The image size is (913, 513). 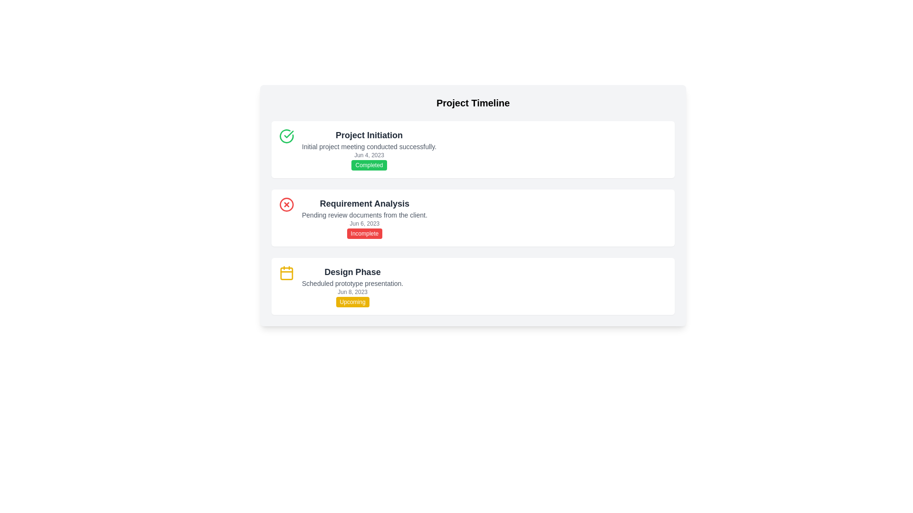 What do you see at coordinates (473, 150) in the screenshot?
I see `the card titled 'Project Initiation' which has a white background, rounded corners, and displays the status 'Completed' in a green badge at the bottom` at bounding box center [473, 150].